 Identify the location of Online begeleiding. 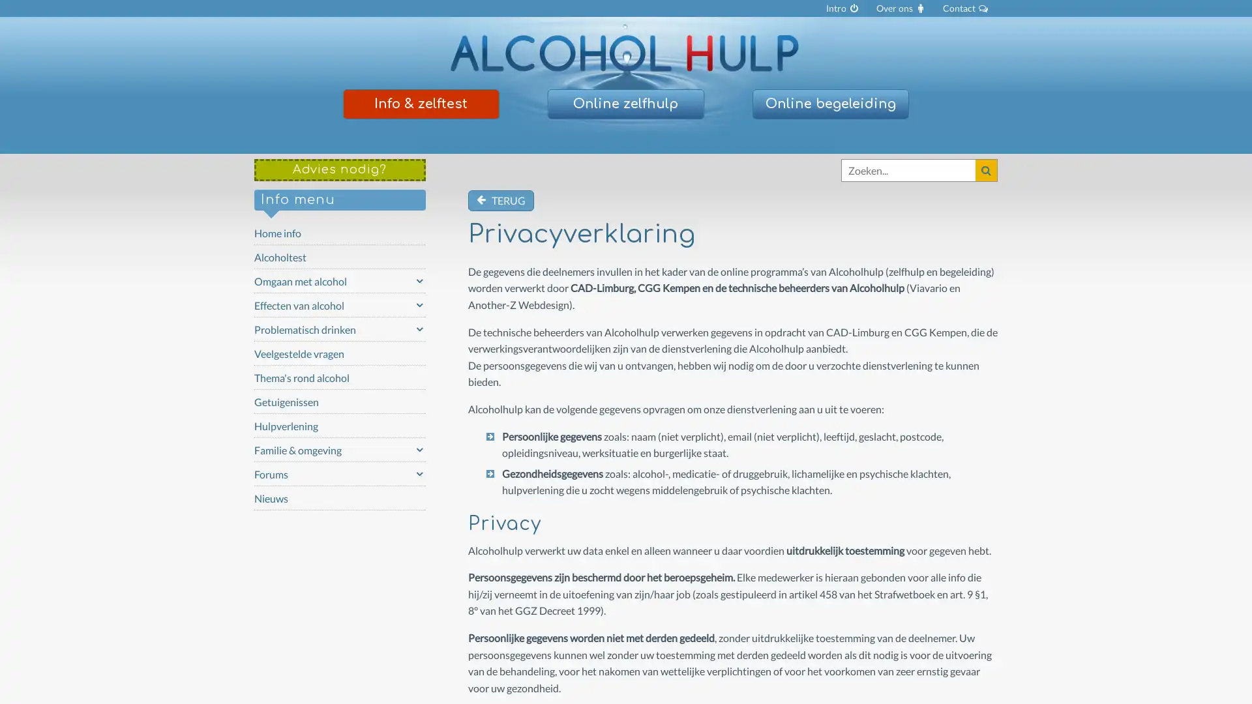
(829, 103).